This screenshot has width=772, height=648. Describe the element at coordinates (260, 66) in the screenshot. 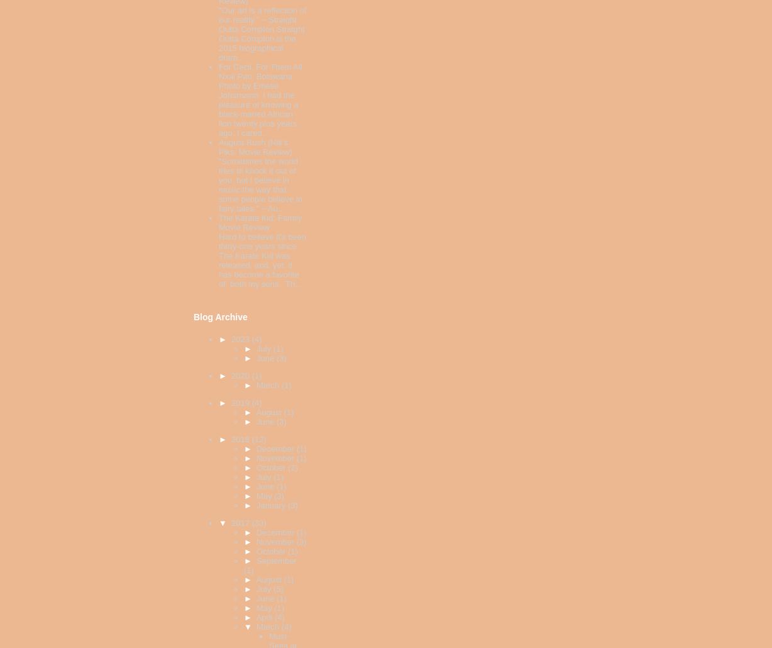

I see `'For Cecil, For Them All'` at that location.